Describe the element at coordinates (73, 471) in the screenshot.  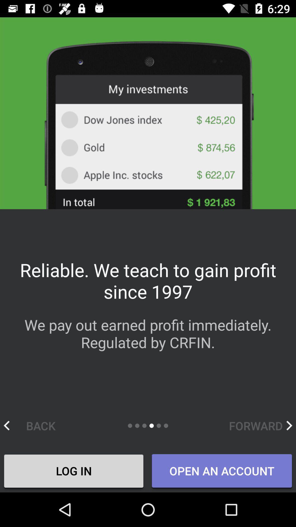
I see `log in item` at that location.